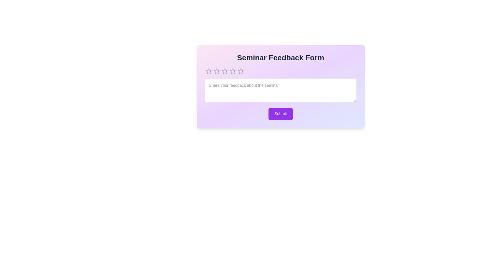 This screenshot has width=480, height=270. Describe the element at coordinates (208, 71) in the screenshot. I see `the star to set the rating to 1 stars` at that location.